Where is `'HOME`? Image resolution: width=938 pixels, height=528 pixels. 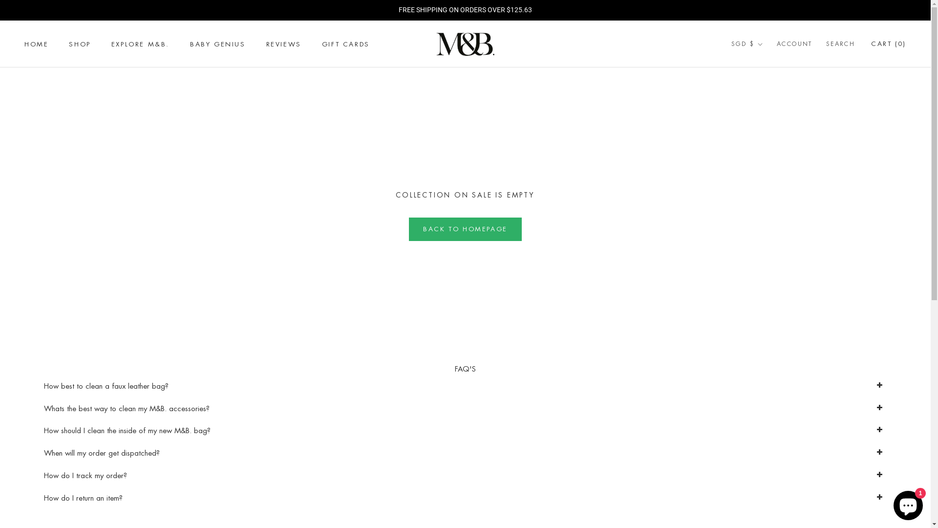
'HOME is located at coordinates (36, 44).